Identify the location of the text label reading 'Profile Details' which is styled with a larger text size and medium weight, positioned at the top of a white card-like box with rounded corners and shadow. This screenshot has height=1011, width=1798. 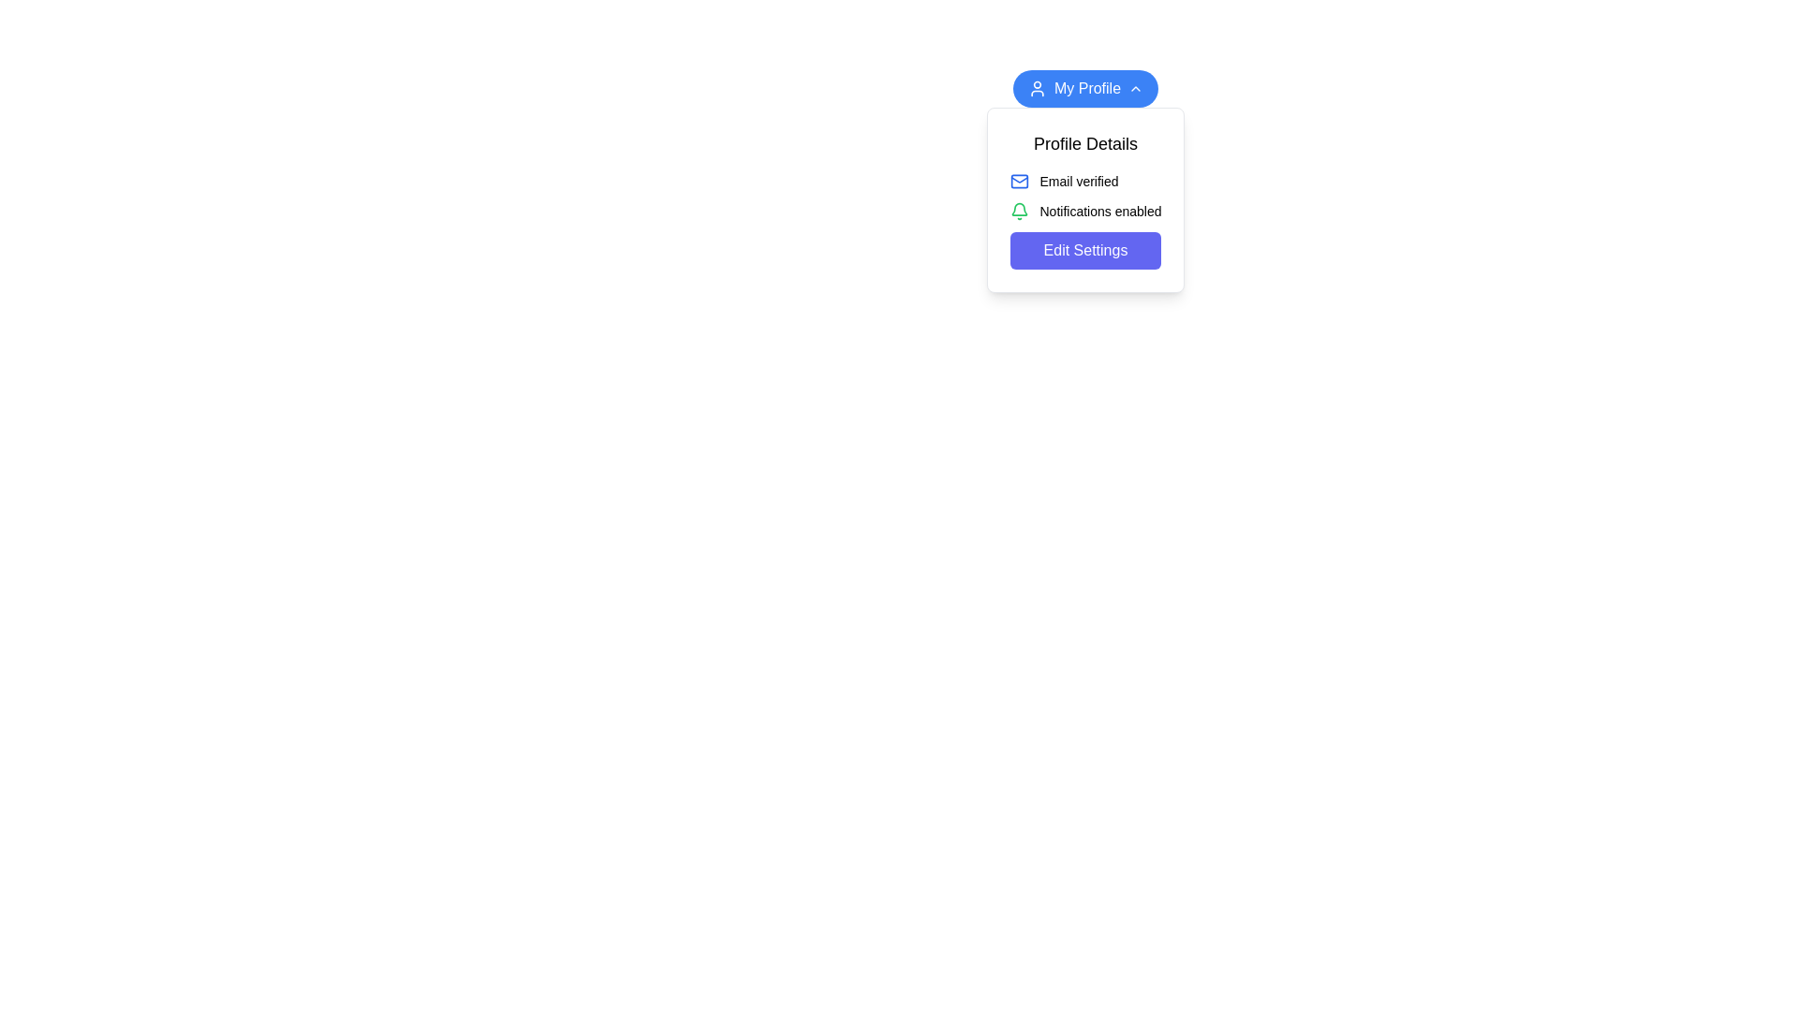
(1085, 143).